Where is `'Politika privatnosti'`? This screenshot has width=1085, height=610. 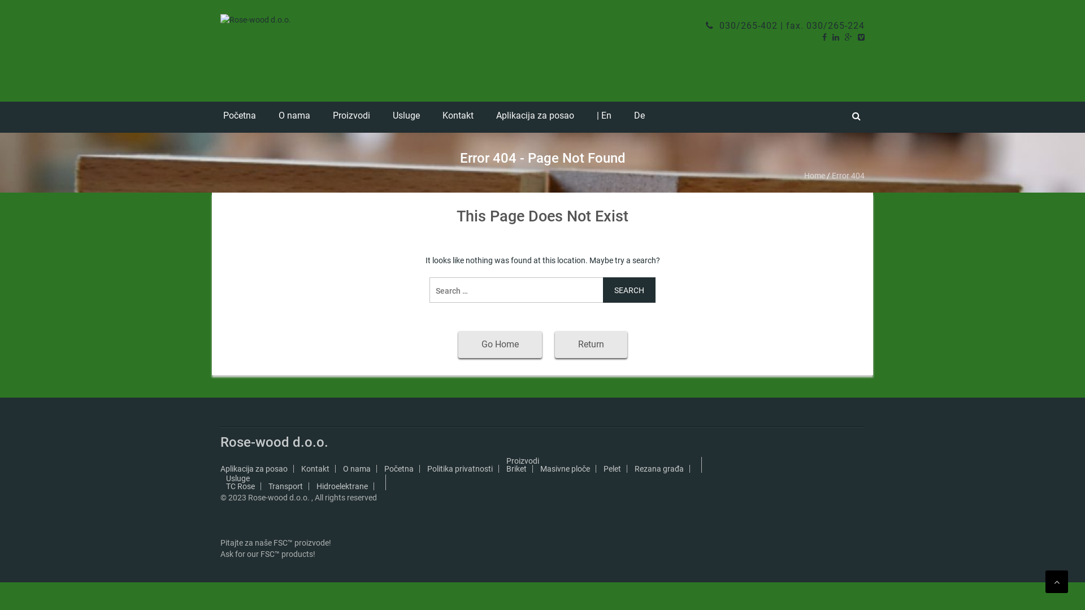 'Politika privatnosti' is located at coordinates (426, 468).